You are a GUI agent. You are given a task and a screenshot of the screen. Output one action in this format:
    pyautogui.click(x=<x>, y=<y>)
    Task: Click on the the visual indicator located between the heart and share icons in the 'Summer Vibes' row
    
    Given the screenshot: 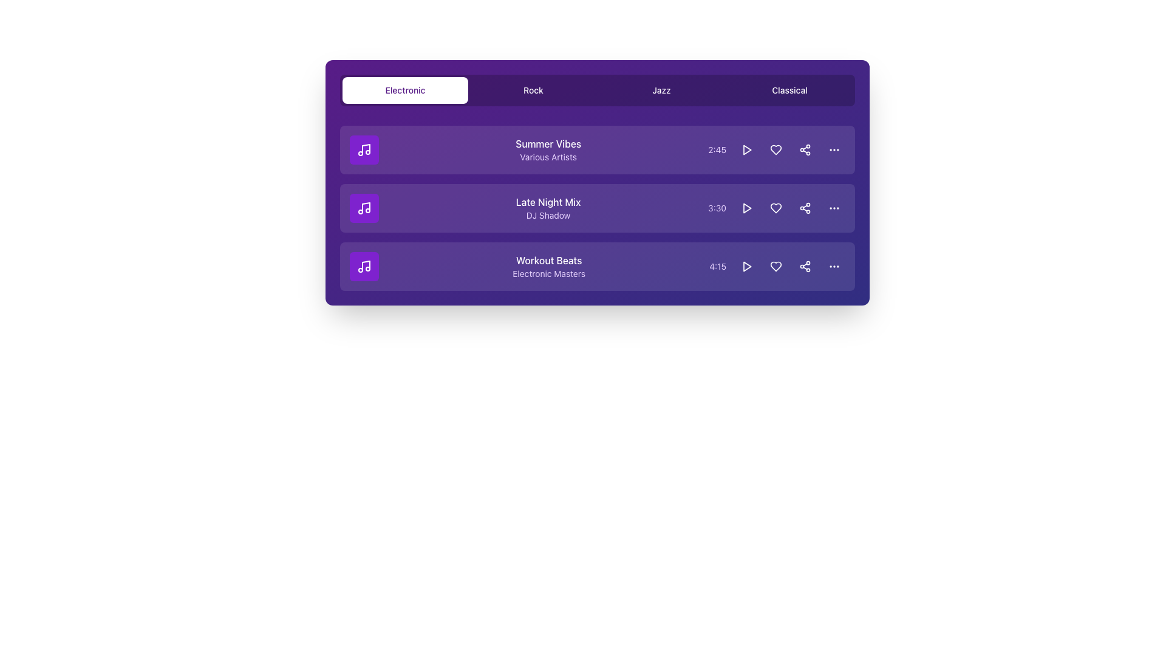 What is the action you would take?
    pyautogui.click(x=790, y=149)
    